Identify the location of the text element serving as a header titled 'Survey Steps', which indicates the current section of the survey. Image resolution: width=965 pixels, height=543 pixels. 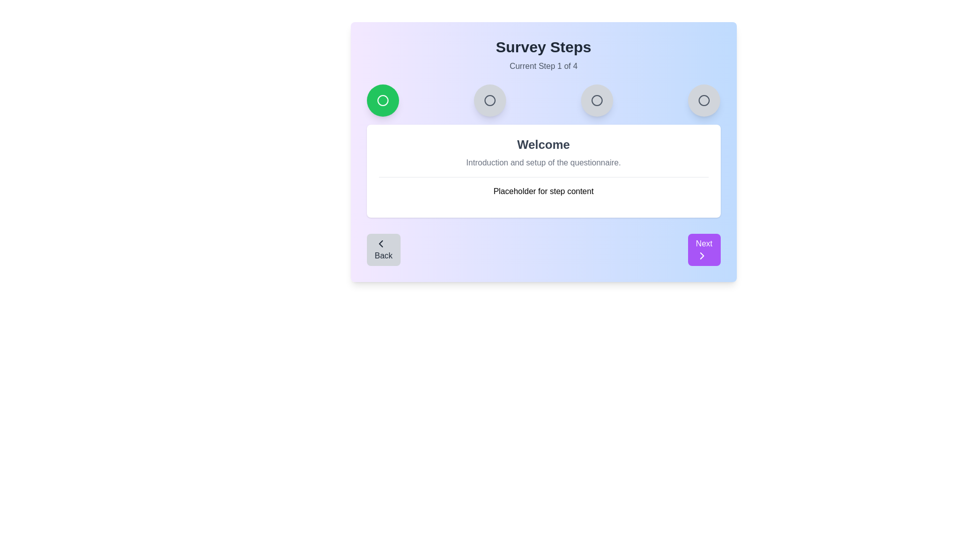
(543, 47).